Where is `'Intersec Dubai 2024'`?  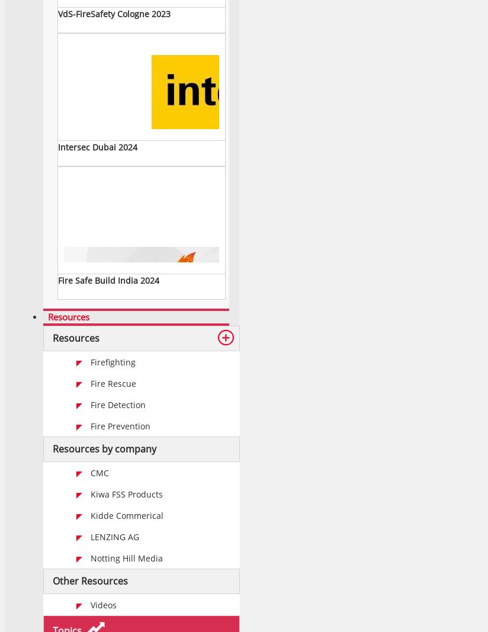
'Intersec Dubai 2024' is located at coordinates (57, 147).